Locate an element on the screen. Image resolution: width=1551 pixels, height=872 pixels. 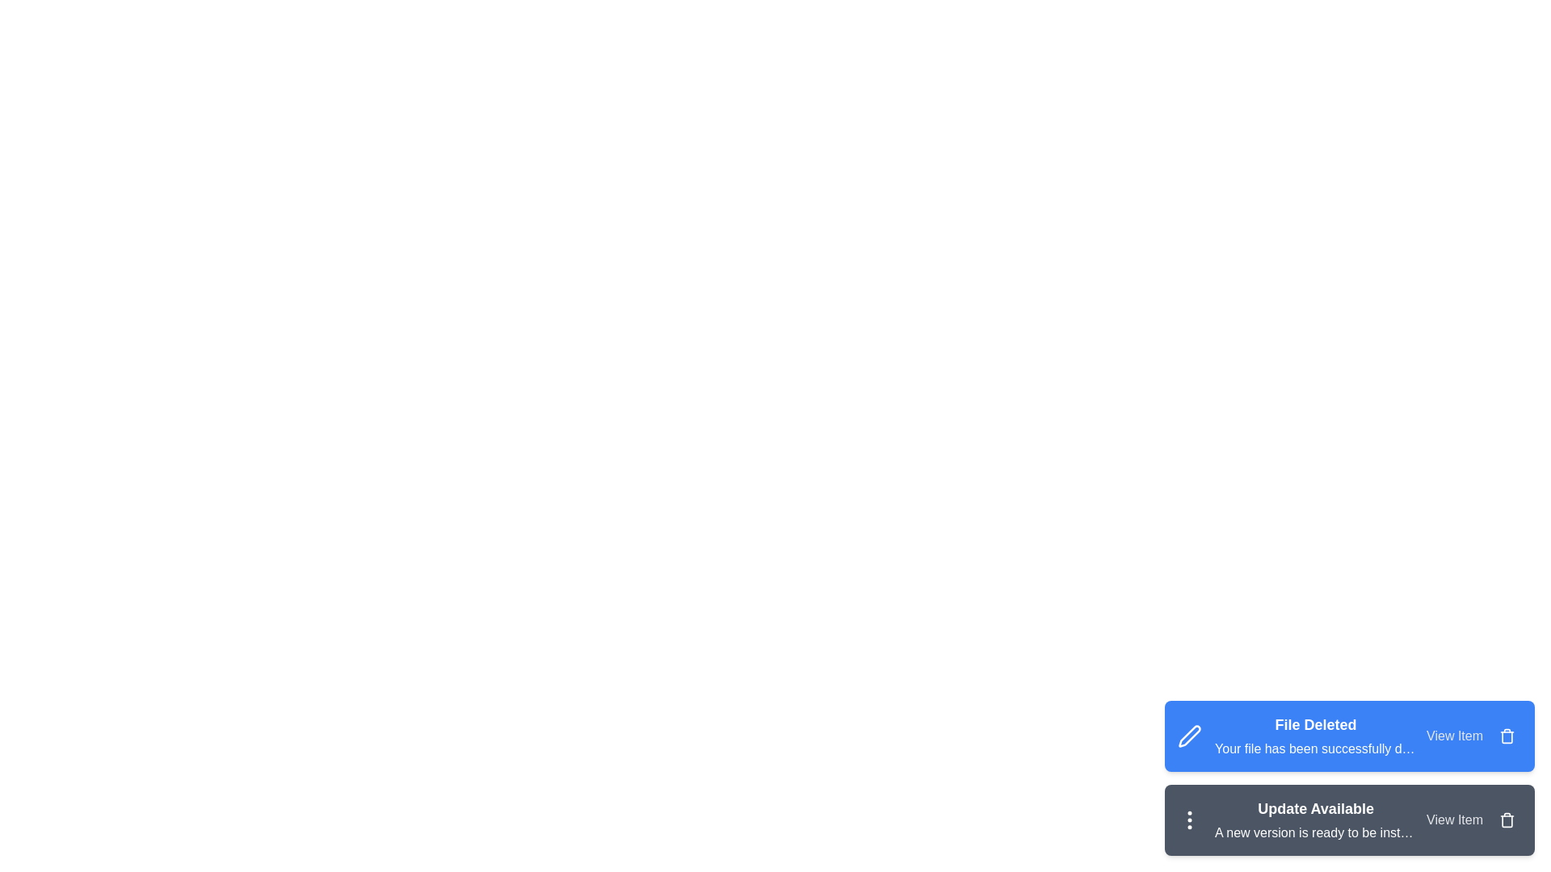
the 'View Item' button for the notification titled 'Update Available' is located at coordinates (1454, 820).